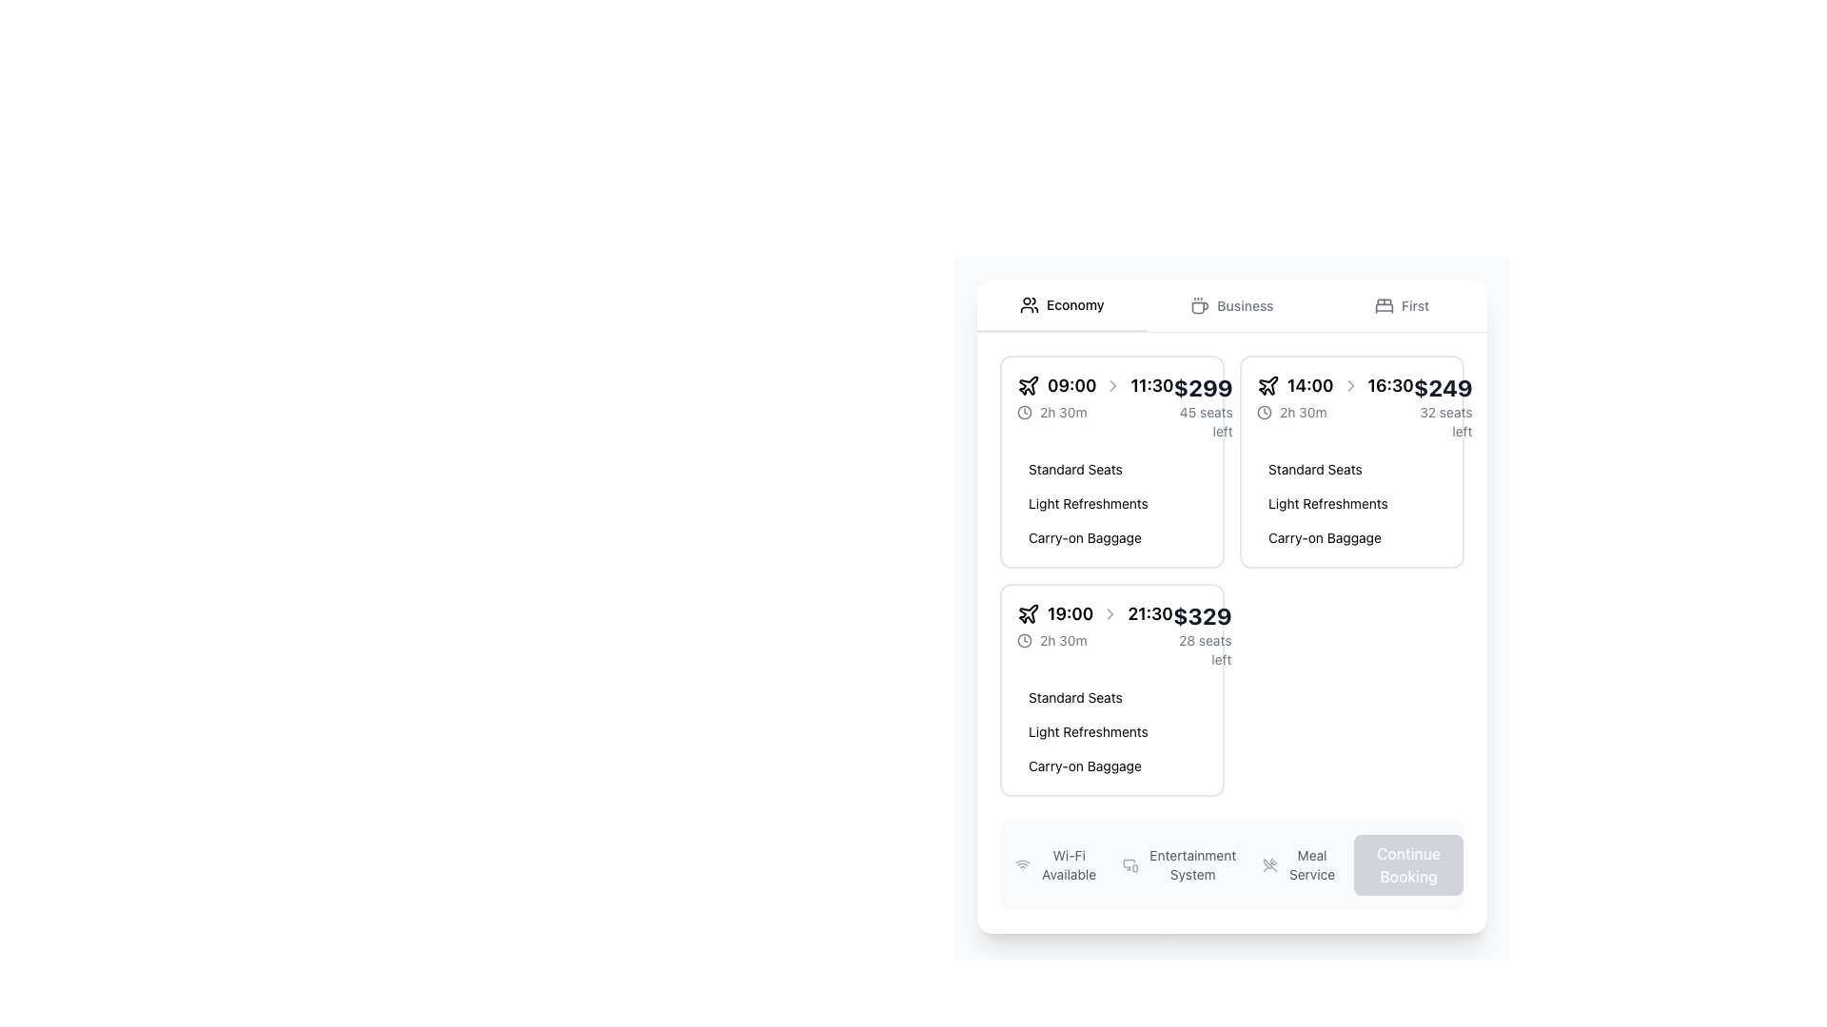  What do you see at coordinates (1094, 626) in the screenshot?
I see `the text and icon group displaying flight time '19:00 21:30' and duration '2h 30m' in the second card of the economy section` at bounding box center [1094, 626].